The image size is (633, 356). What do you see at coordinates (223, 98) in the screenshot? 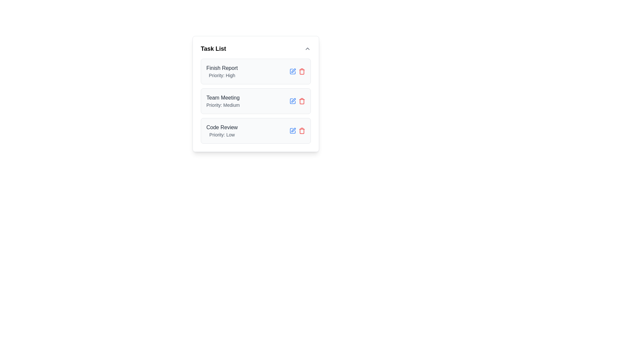
I see `the text label displaying 'Team Meeting', located between 'Finish Report' and 'Code Review' in the task list` at bounding box center [223, 98].